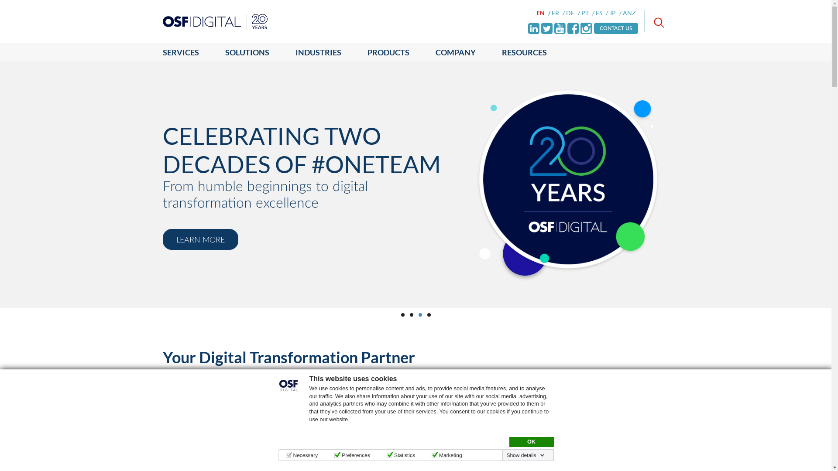  I want to click on 'EN', so click(543, 13).